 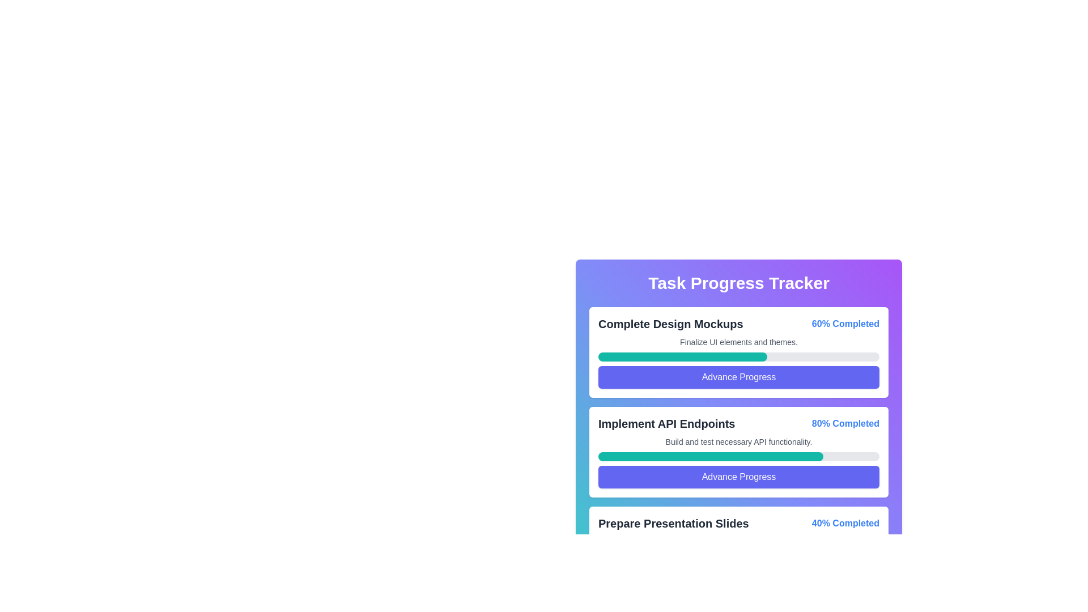 I want to click on the text label that serves as the header for the task progress tracker interface, which is centrally positioned at the top of the layout, so click(x=739, y=283).